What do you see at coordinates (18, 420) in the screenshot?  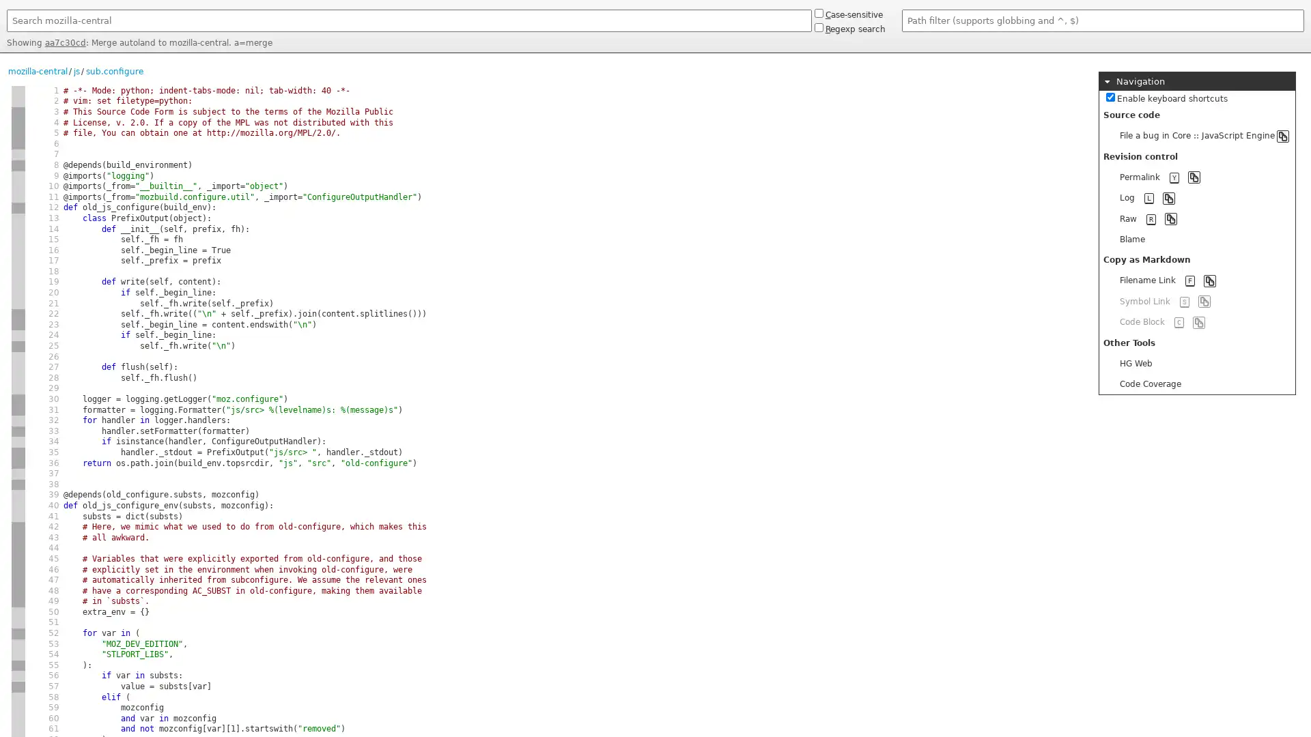 I see `new hash 6` at bounding box center [18, 420].